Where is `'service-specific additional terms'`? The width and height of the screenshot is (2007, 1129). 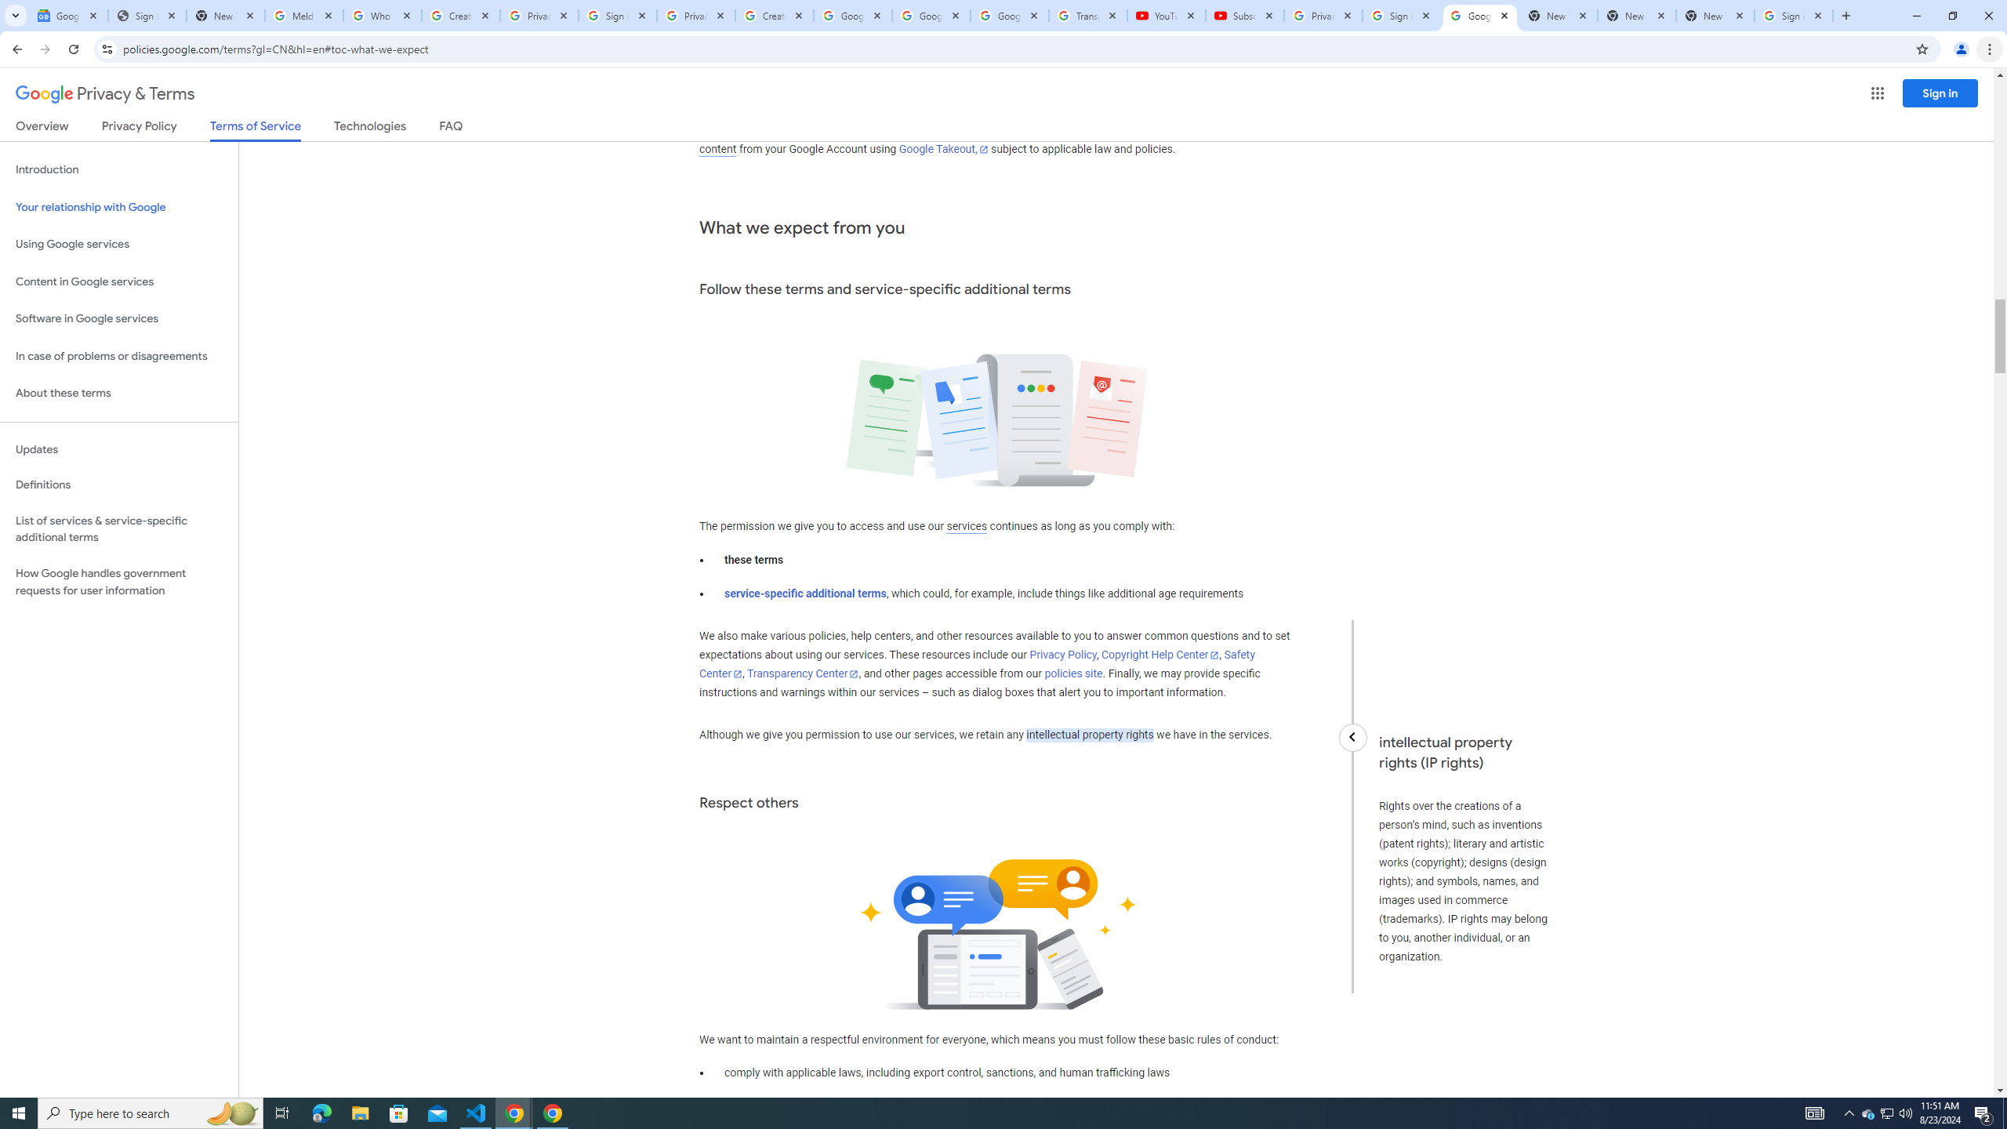 'service-specific additional terms' is located at coordinates (805, 594).